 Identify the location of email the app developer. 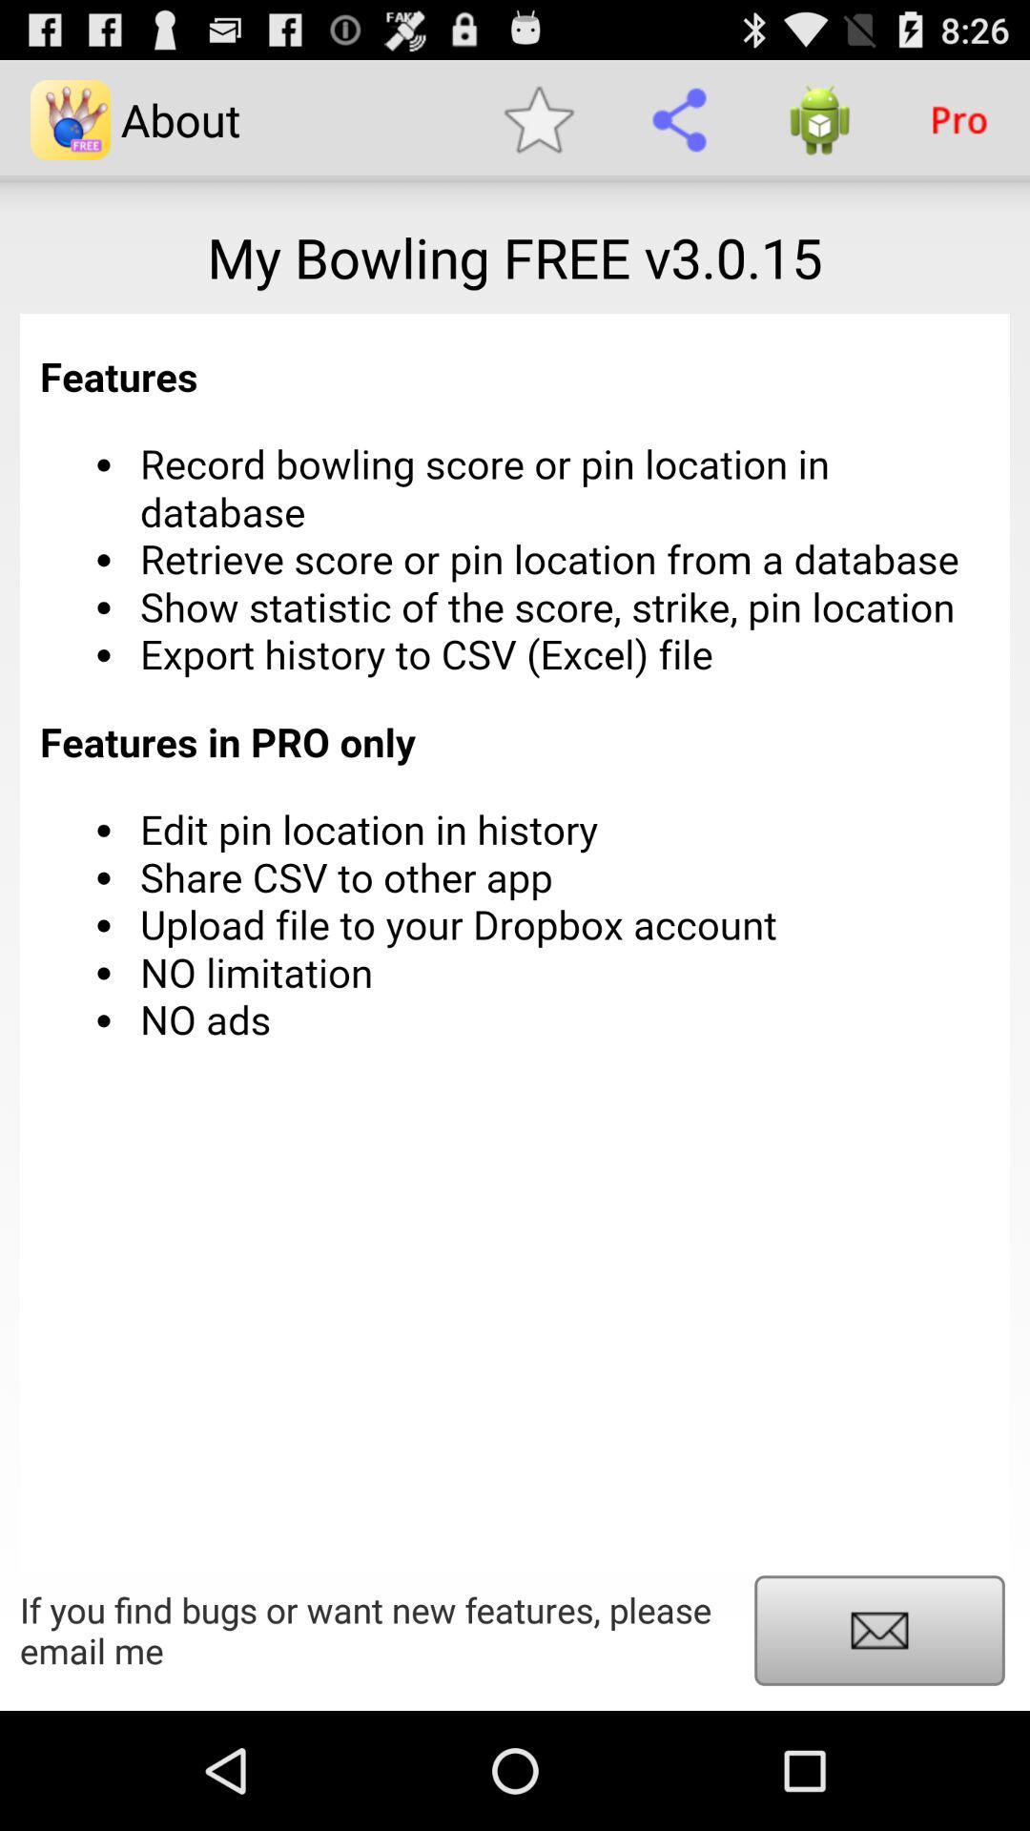
(879, 1629).